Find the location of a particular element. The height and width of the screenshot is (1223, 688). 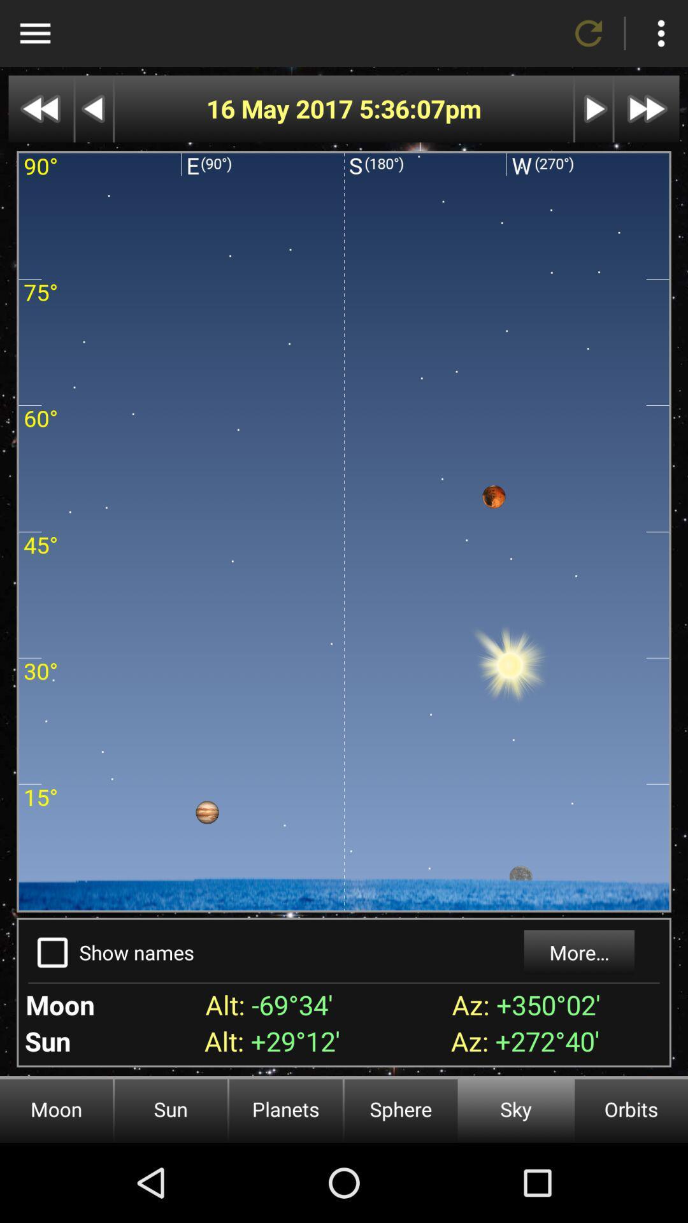

the more icon is located at coordinates (660, 33).